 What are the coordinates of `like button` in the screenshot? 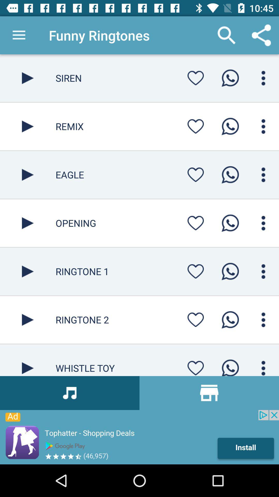 It's located at (196, 126).